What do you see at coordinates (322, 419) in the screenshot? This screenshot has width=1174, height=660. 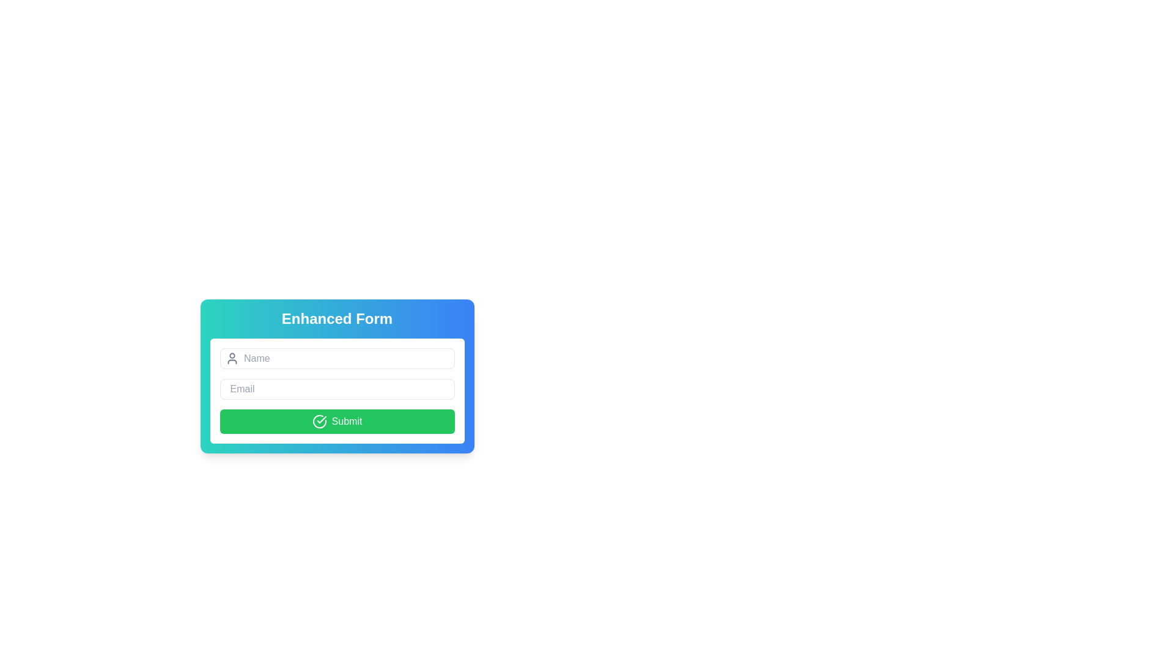 I see `the confirmation icon button located at the bottom of the form layout, which signifies task completion` at bounding box center [322, 419].